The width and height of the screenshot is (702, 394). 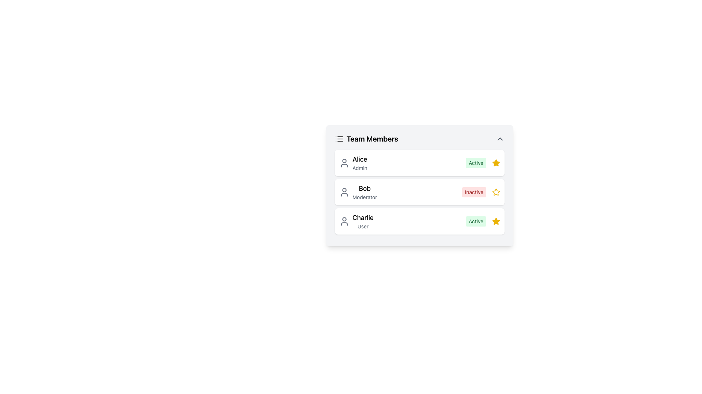 What do you see at coordinates (363, 221) in the screenshot?
I see `the interactive text label 'Charlie' which is part of the 'Team Members' panel, representing the third member in the list` at bounding box center [363, 221].